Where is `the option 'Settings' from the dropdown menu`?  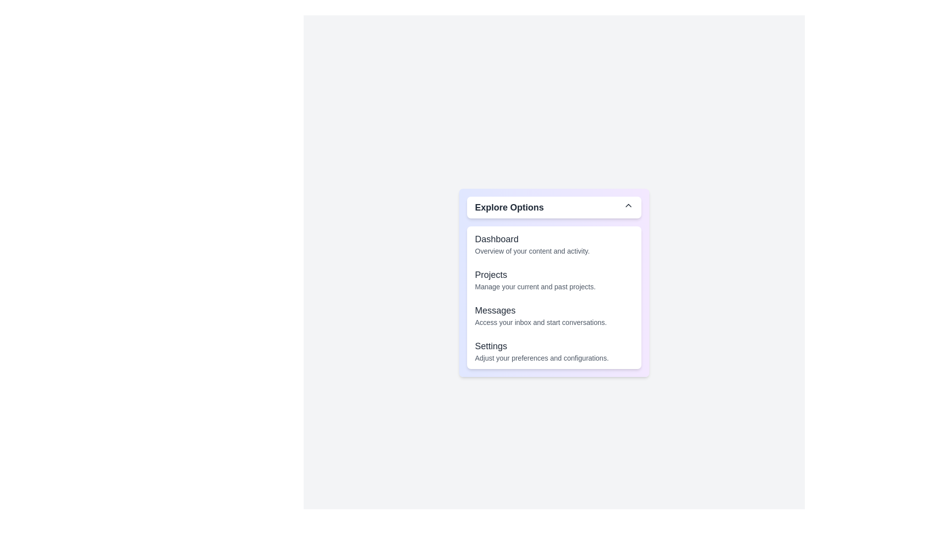 the option 'Settings' from the dropdown menu is located at coordinates (553, 351).